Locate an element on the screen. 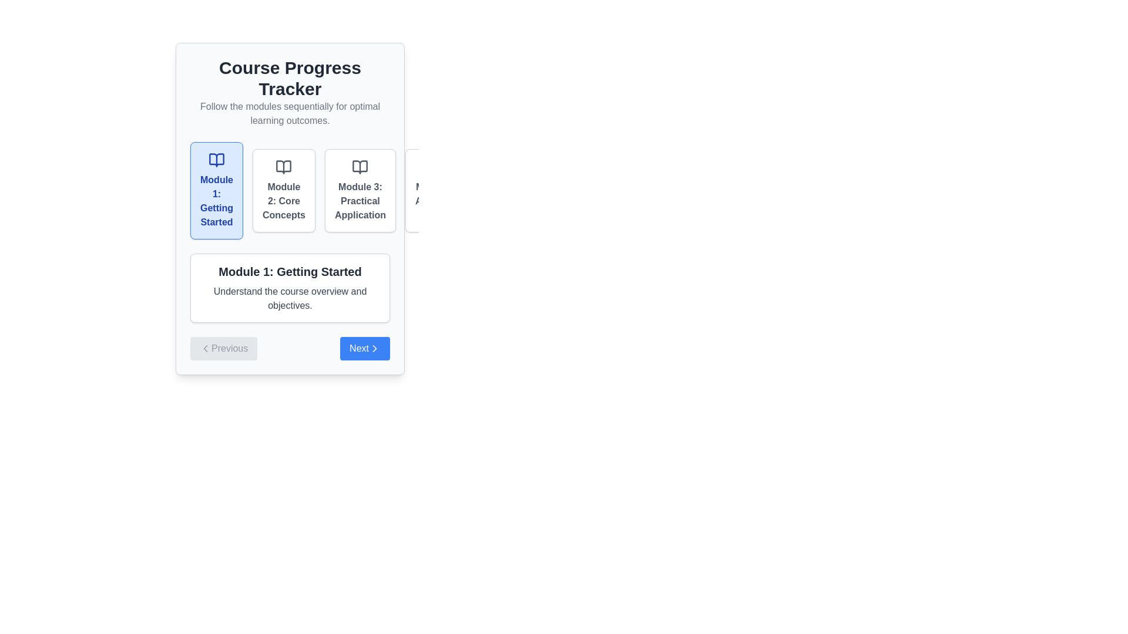 This screenshot has height=634, width=1128. the 'Previous' button icon located at the bottom left corner of the card-like interface is located at coordinates (206, 348).